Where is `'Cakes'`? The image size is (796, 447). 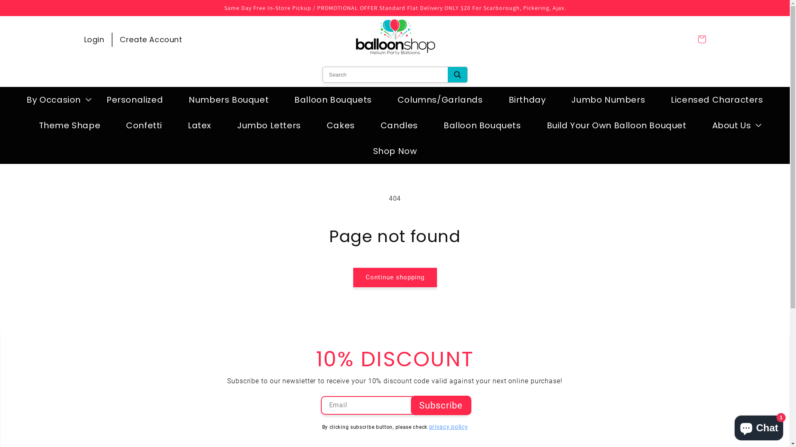 'Cakes' is located at coordinates (340, 125).